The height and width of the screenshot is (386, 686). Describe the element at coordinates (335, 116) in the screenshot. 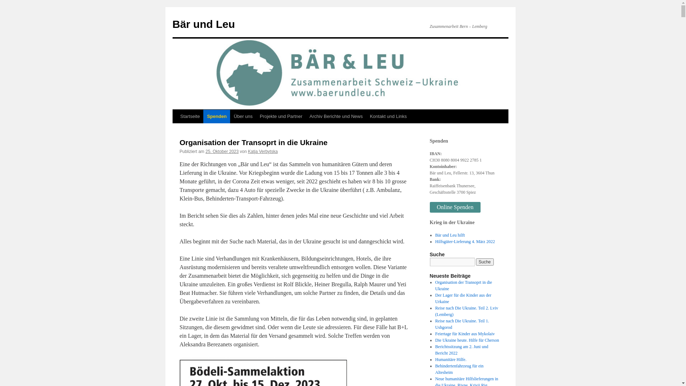

I see `'Archiv Berichte und News'` at that location.